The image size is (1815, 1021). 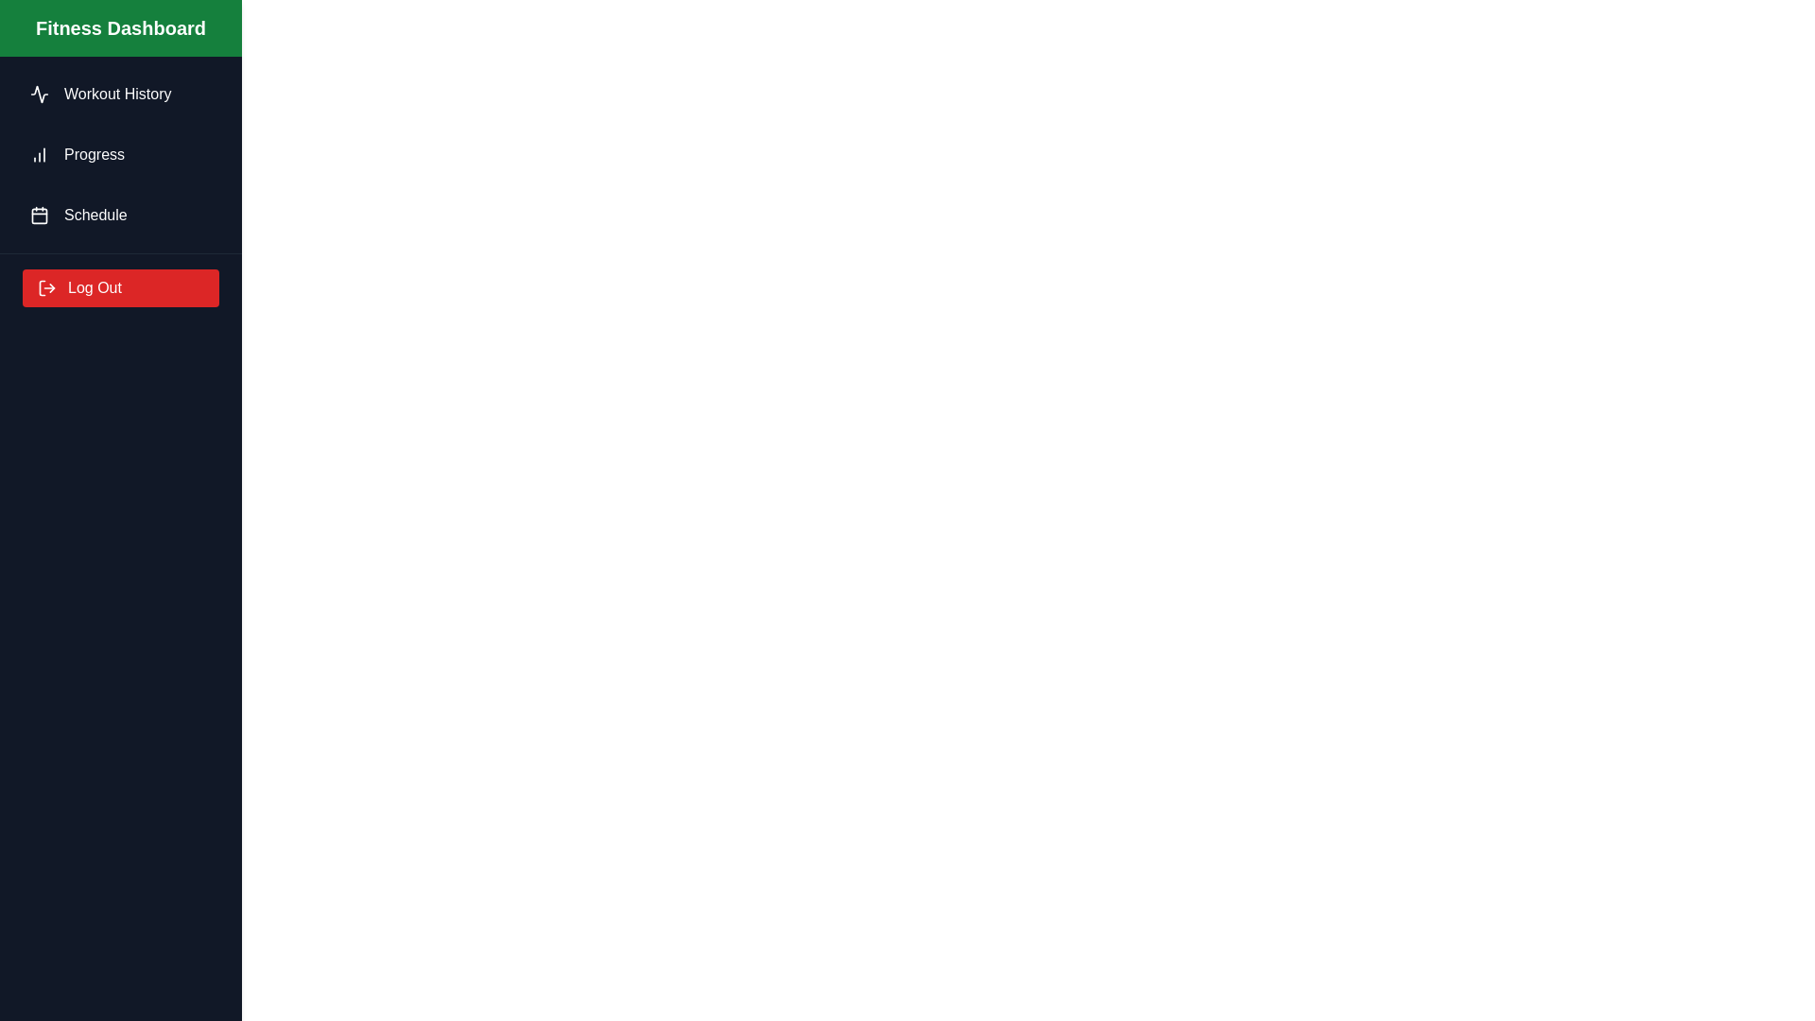 What do you see at coordinates (40, 154) in the screenshot?
I see `the leftmost icon in the vertical navigation menu adjacent to the text 'Progress'` at bounding box center [40, 154].